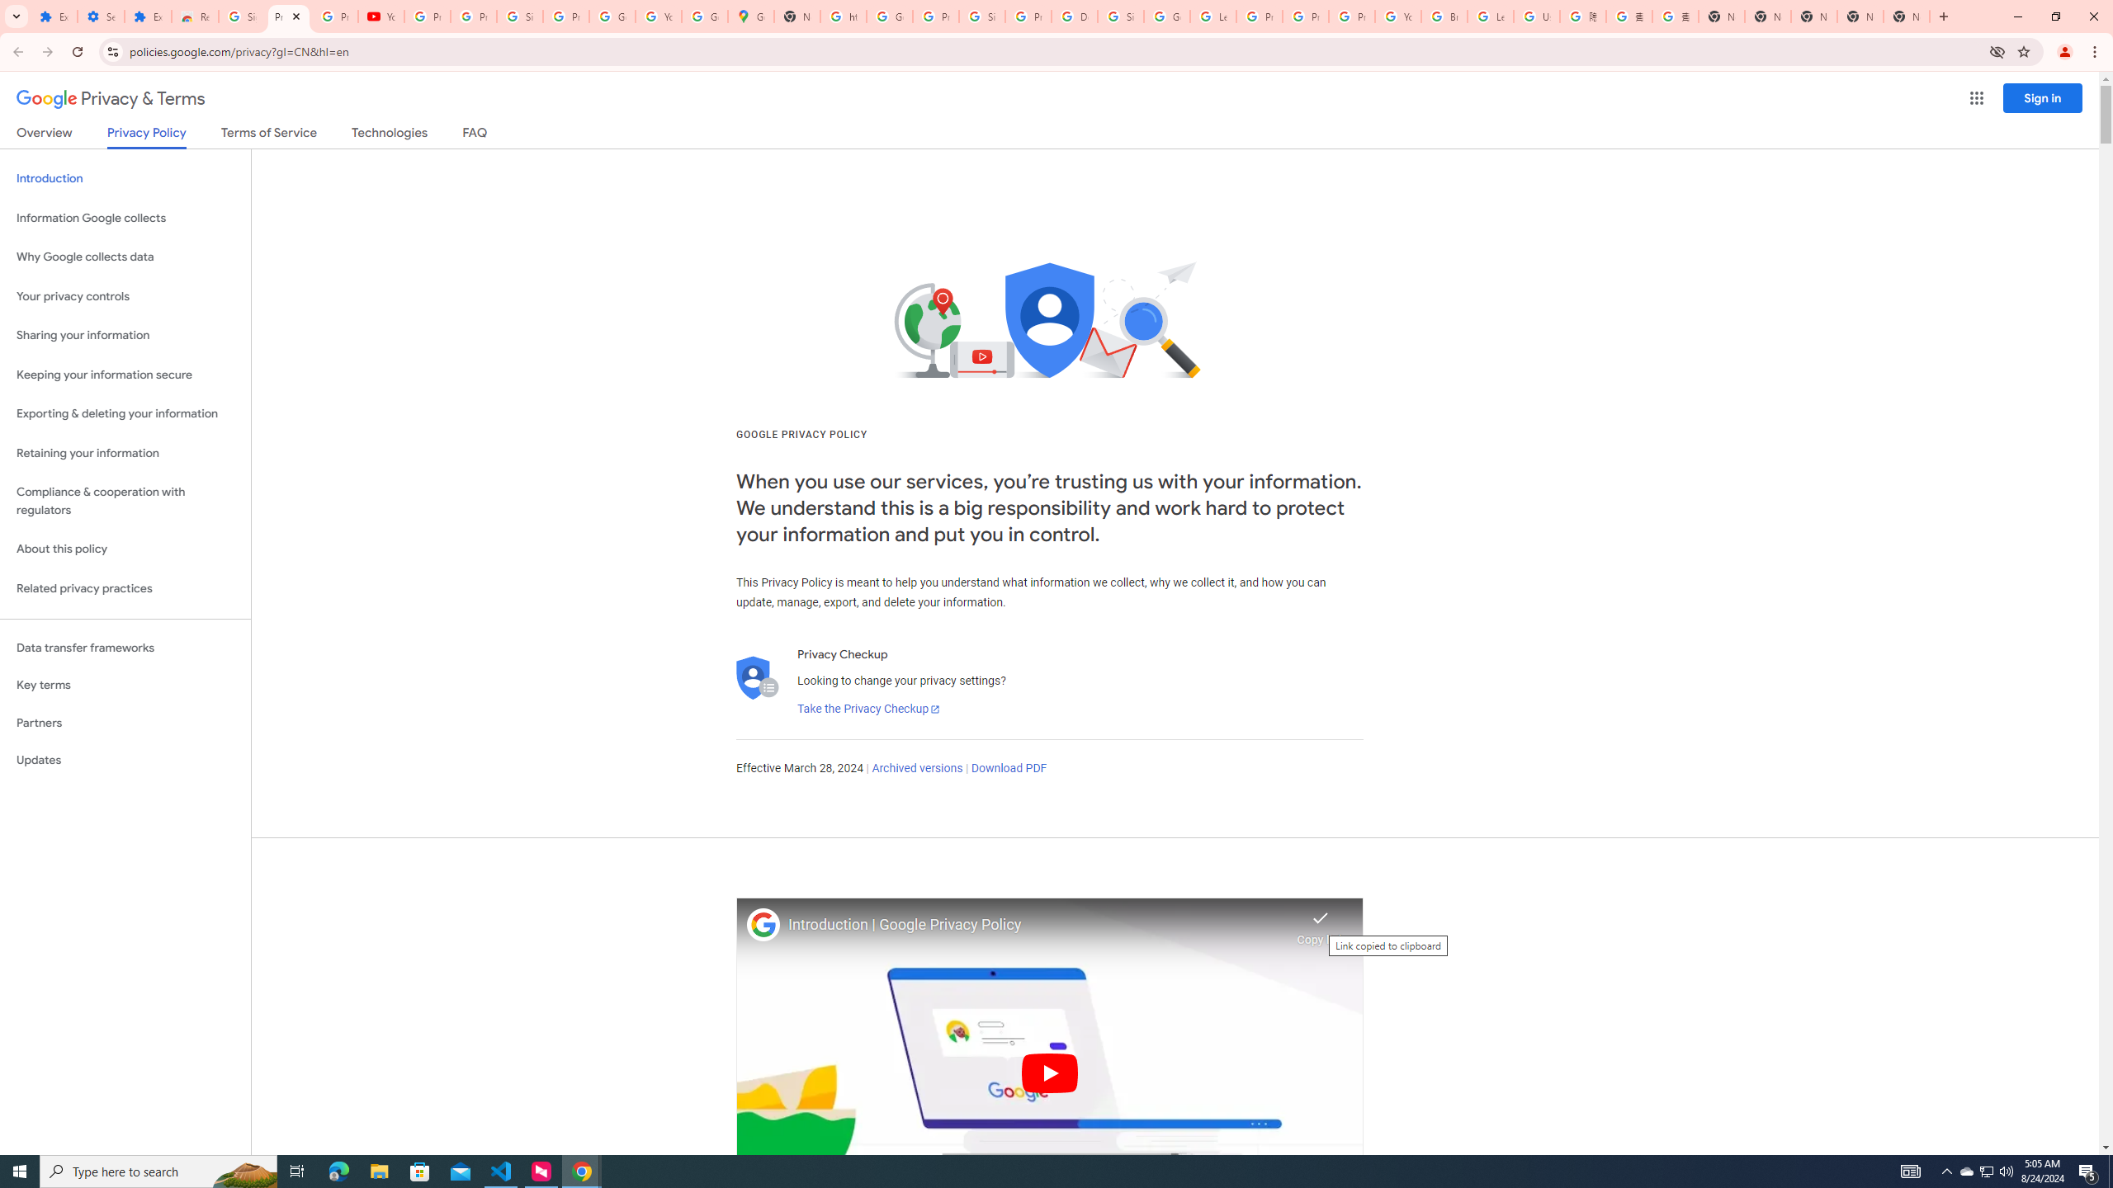 Image resolution: width=2113 pixels, height=1188 pixels. Describe the element at coordinates (763, 923) in the screenshot. I see `'Photo image of Google'` at that location.